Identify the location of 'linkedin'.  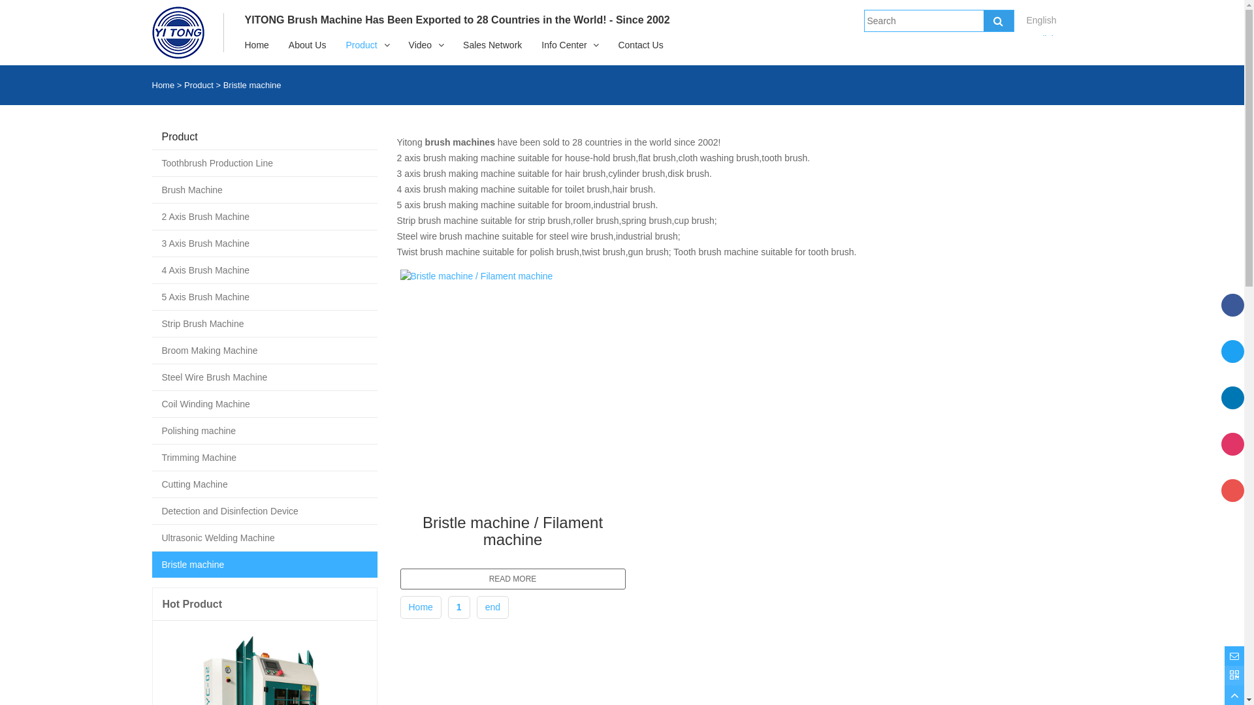
(1232, 409).